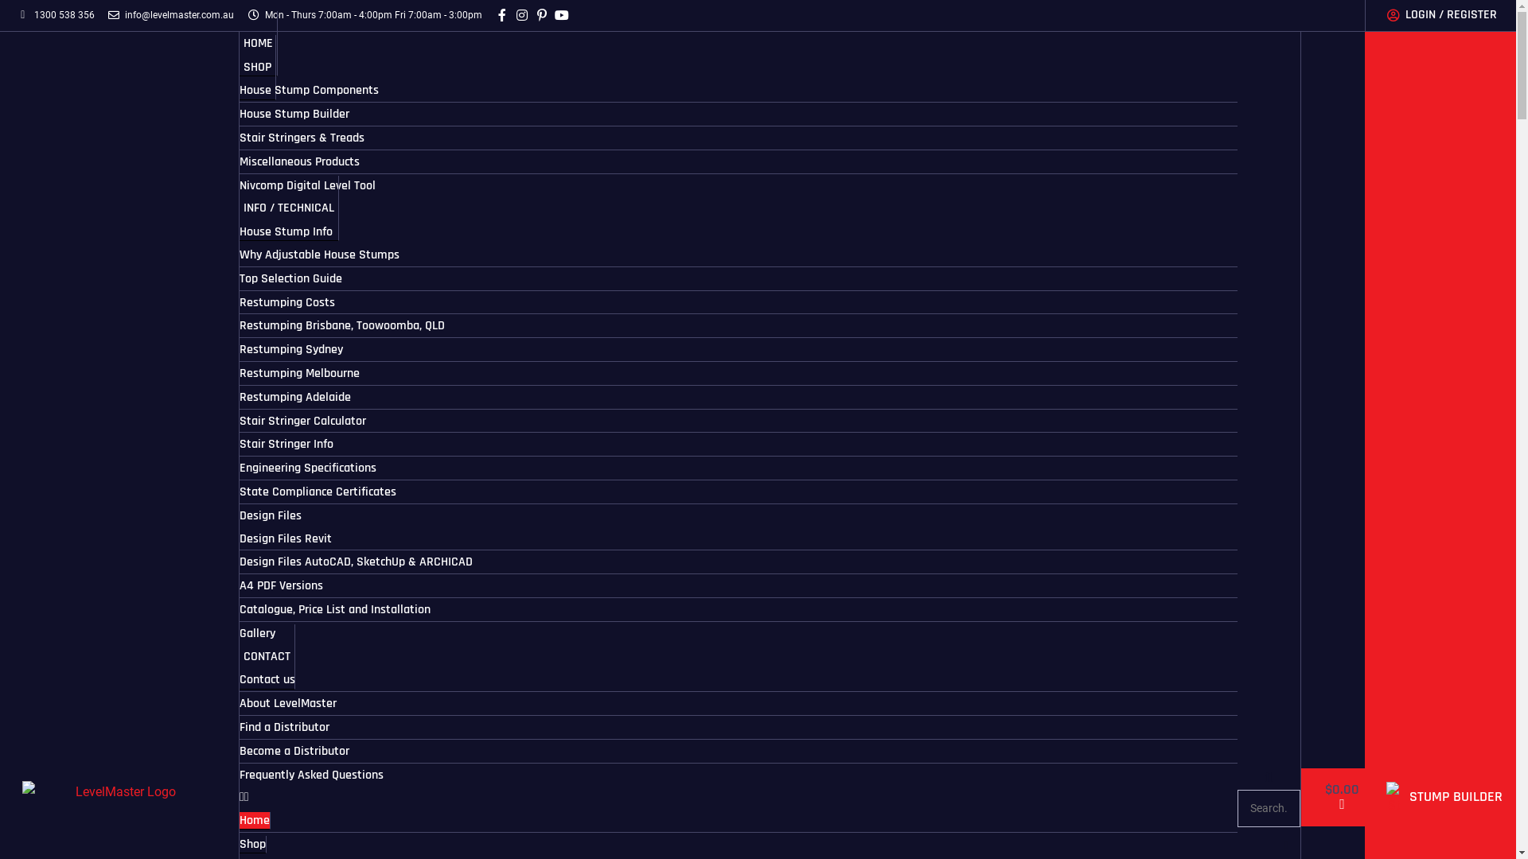 The image size is (1528, 859). What do you see at coordinates (307, 185) in the screenshot?
I see `'Nivcomp Digital Level Tool'` at bounding box center [307, 185].